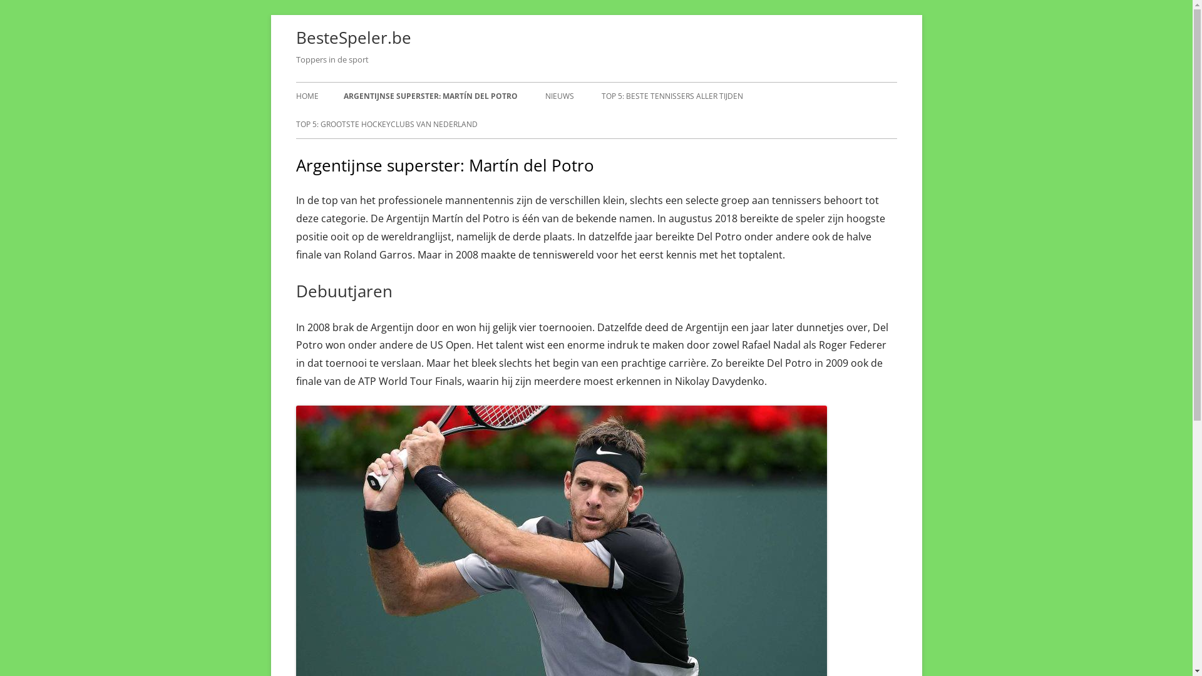  What do you see at coordinates (558, 96) in the screenshot?
I see `'NIEUWS'` at bounding box center [558, 96].